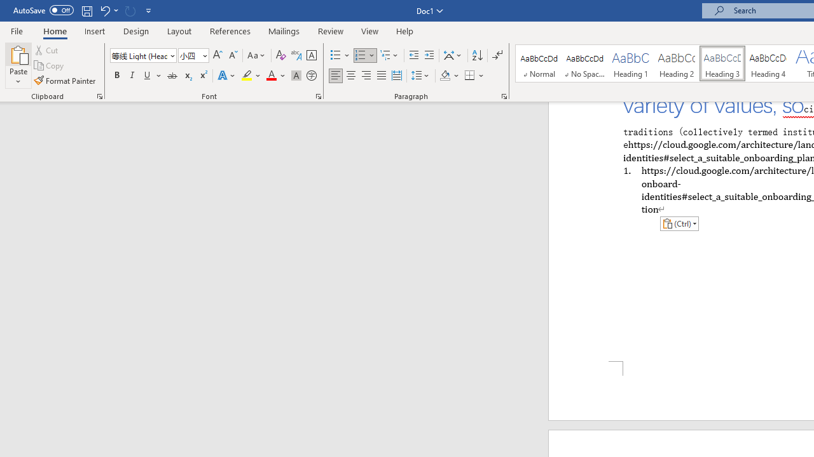 This screenshot has height=457, width=814. I want to click on 'Clear Formatting', so click(280, 55).